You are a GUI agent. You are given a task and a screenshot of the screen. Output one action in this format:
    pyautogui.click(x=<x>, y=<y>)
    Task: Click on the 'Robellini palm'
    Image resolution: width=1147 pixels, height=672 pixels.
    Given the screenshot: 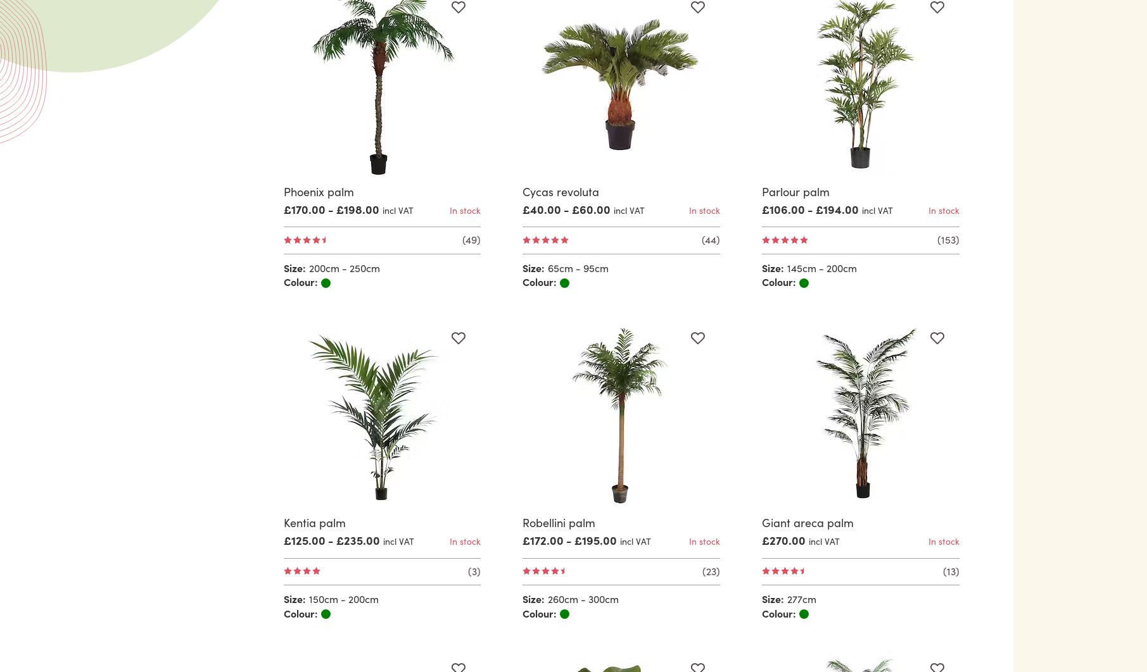 What is the action you would take?
    pyautogui.click(x=559, y=521)
    